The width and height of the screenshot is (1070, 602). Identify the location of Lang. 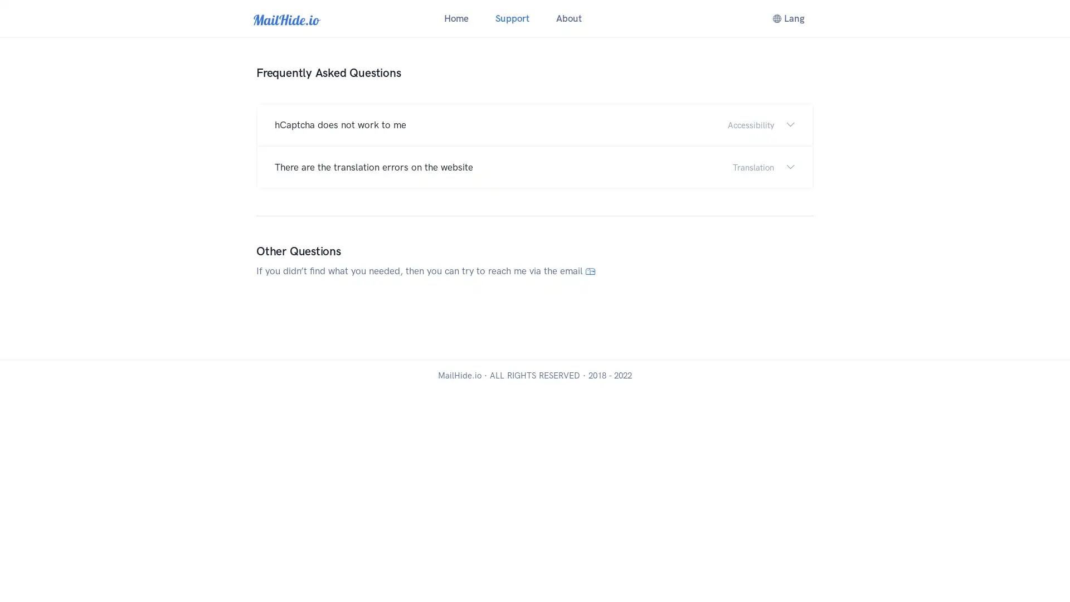
(787, 18).